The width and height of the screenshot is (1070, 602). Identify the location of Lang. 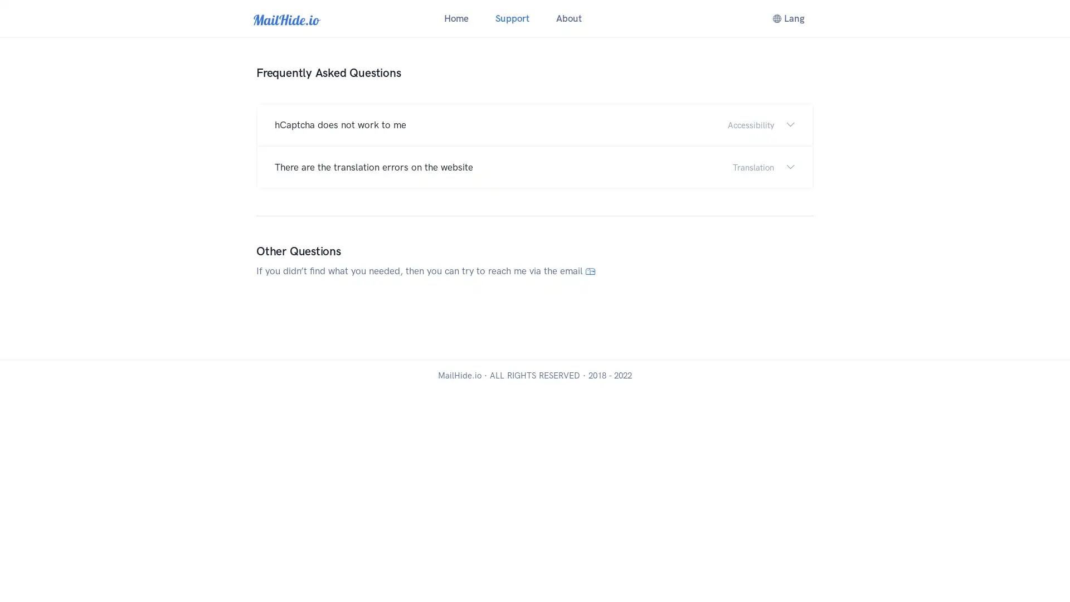
(787, 18).